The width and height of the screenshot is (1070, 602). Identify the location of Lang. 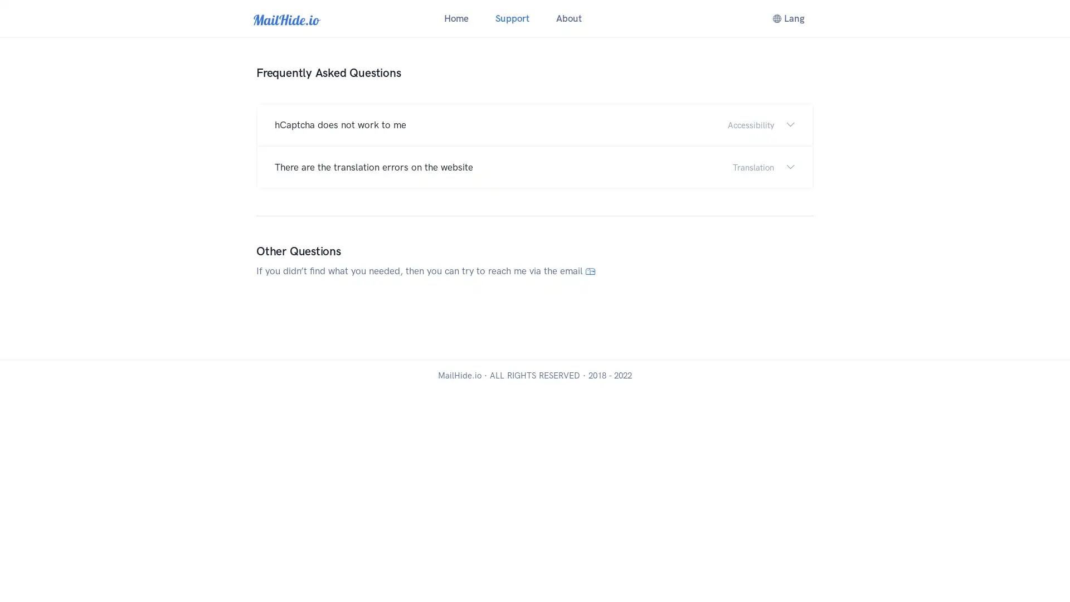
(787, 18).